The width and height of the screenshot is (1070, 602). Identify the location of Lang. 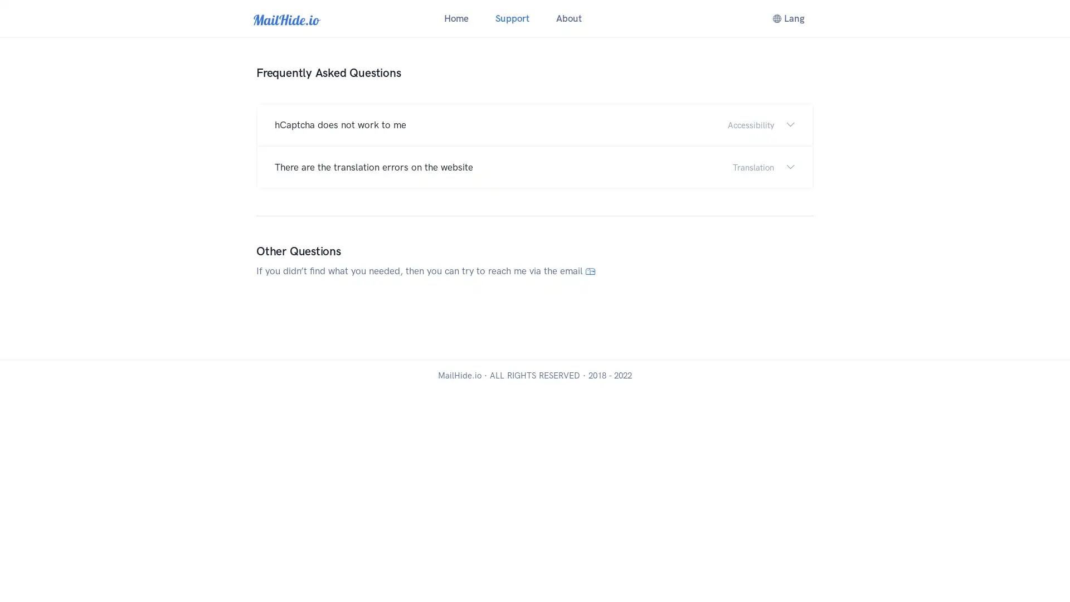
(787, 18).